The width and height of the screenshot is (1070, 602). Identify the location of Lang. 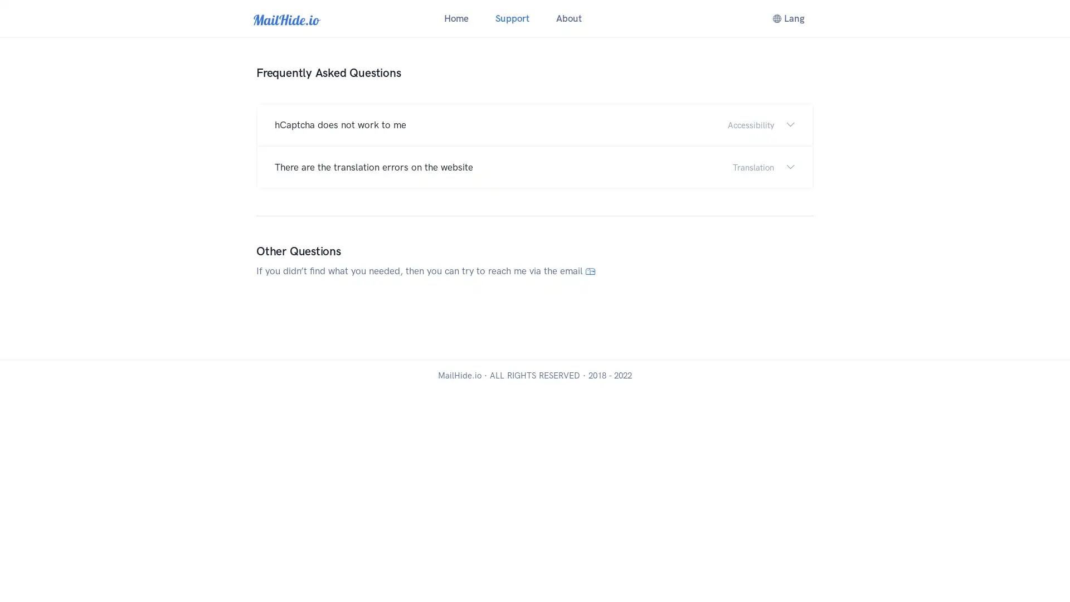
(787, 18).